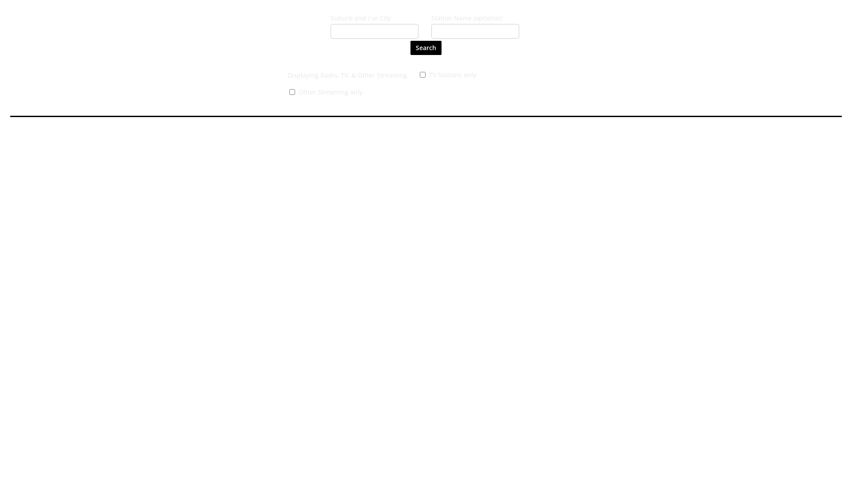 The height and width of the screenshot is (479, 852). I want to click on 'Search', so click(426, 48).